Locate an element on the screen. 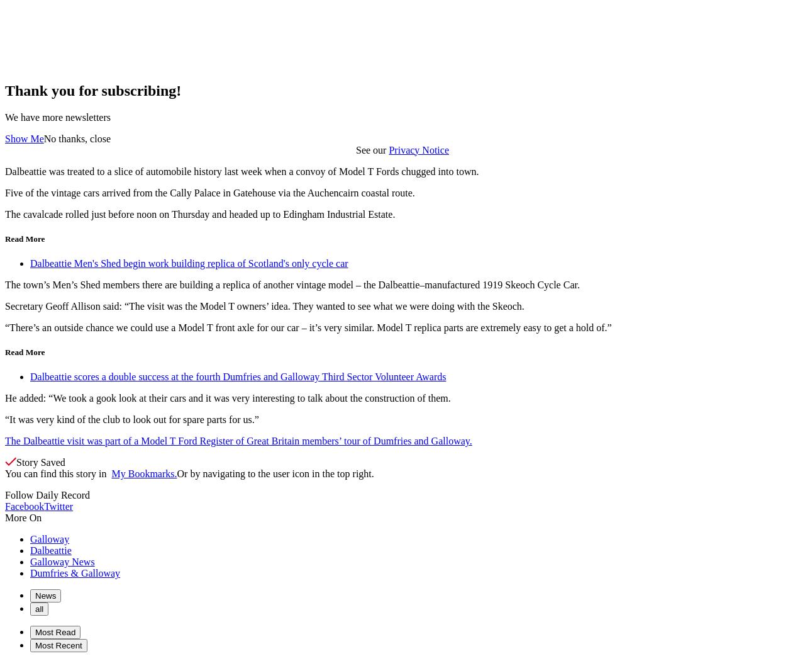  '“There’s an outside chance we could use a Model T front axle for our car – it’s very similar. Model T replica parts are extremely easy to get a hold of.”' is located at coordinates (308, 327).